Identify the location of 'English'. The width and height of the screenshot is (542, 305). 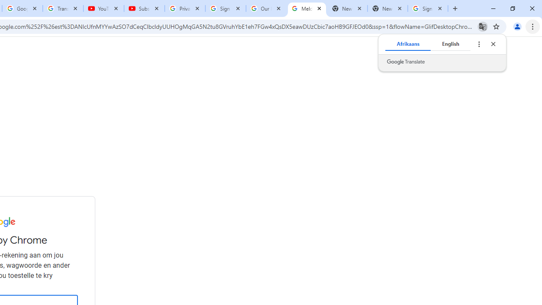
(450, 44).